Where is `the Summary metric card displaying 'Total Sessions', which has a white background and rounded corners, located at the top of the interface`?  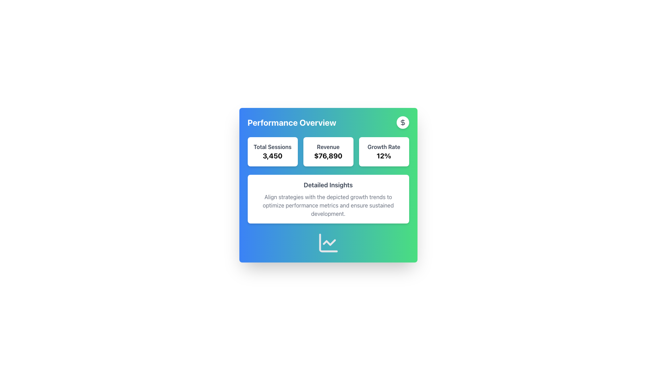 the Summary metric card displaying 'Total Sessions', which has a white background and rounded corners, located at the top of the interface is located at coordinates (272, 151).